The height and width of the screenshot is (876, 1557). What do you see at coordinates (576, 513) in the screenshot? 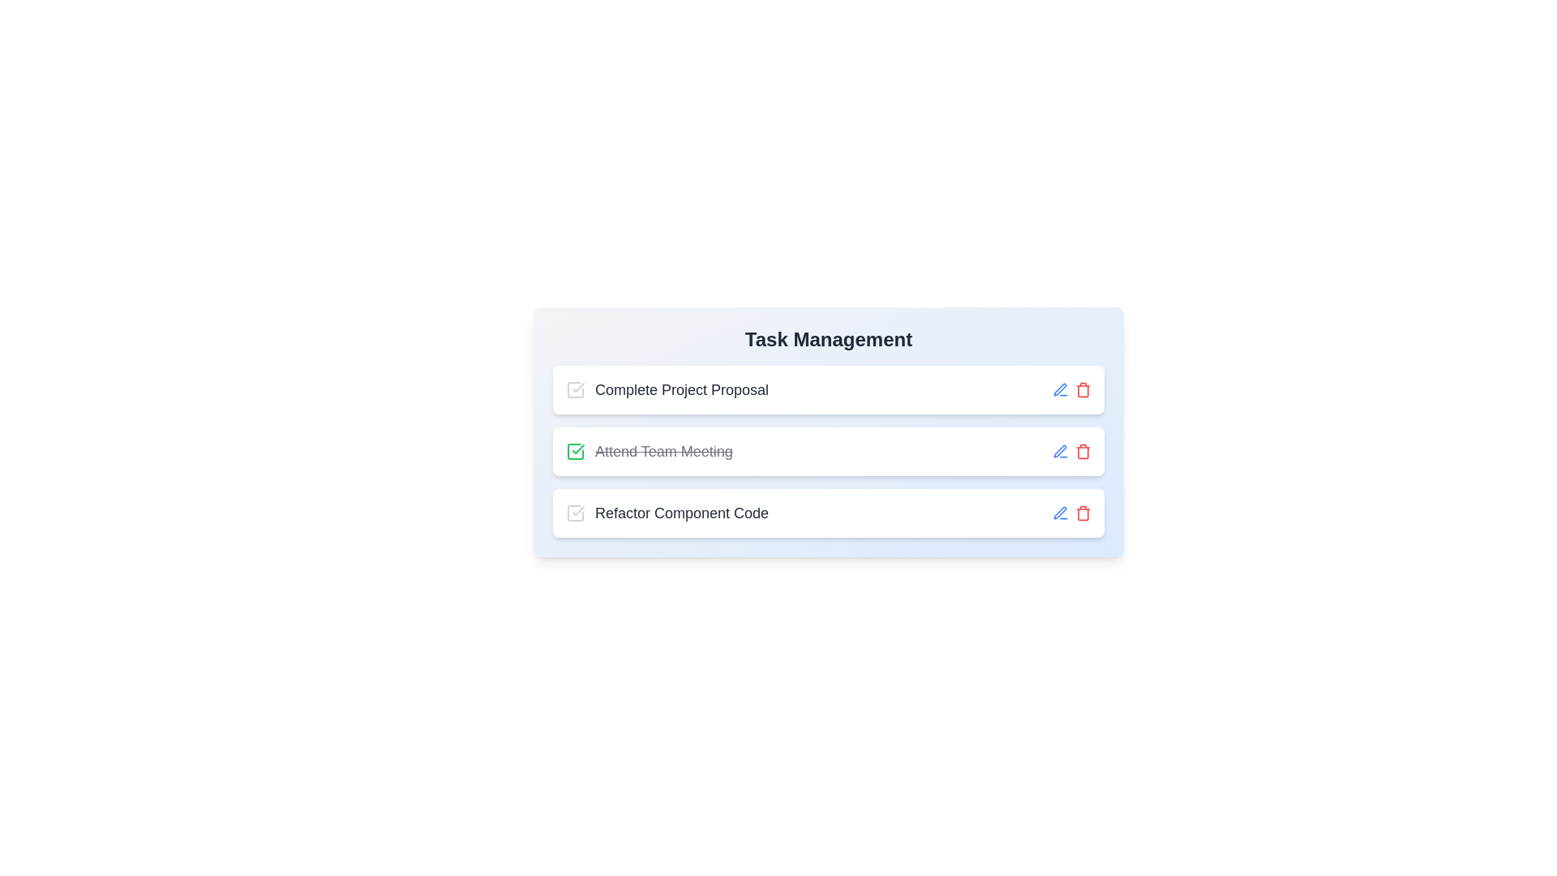
I see `the checkbox to indicate the completion status of the 'Refactor Component Code' task, which is the third item in a vertical list of tasks` at bounding box center [576, 513].